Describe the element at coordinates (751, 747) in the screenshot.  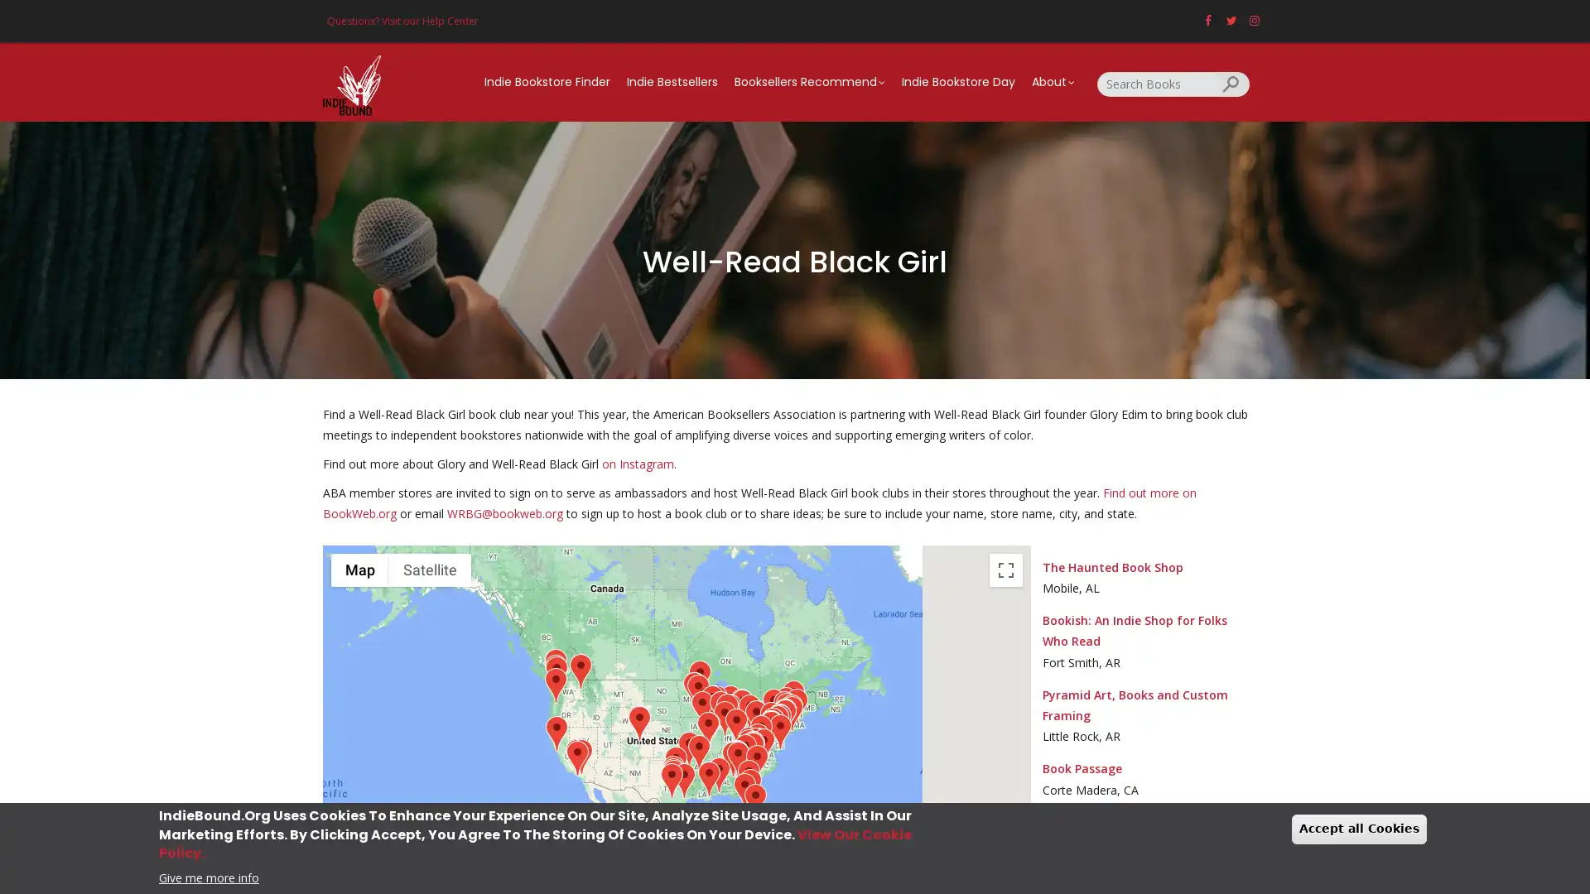
I see `Main Street Books (NC)` at that location.